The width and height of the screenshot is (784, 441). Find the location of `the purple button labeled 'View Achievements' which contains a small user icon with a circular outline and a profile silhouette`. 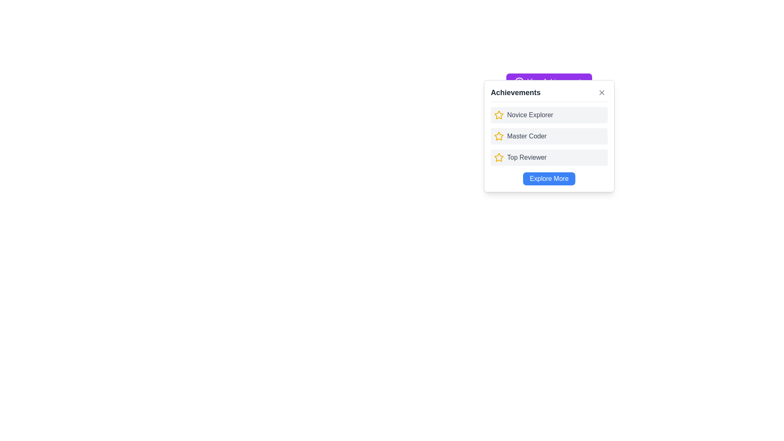

the purple button labeled 'View Achievements' which contains a small user icon with a circular outline and a profile silhouette is located at coordinates (519, 82).